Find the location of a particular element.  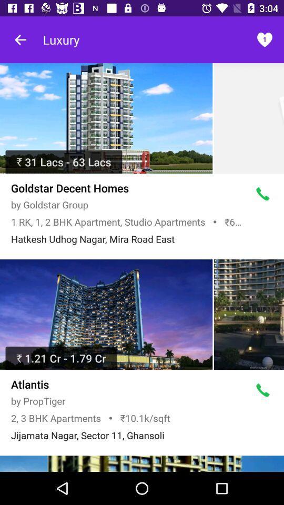

apartments is located at coordinates (106, 118).